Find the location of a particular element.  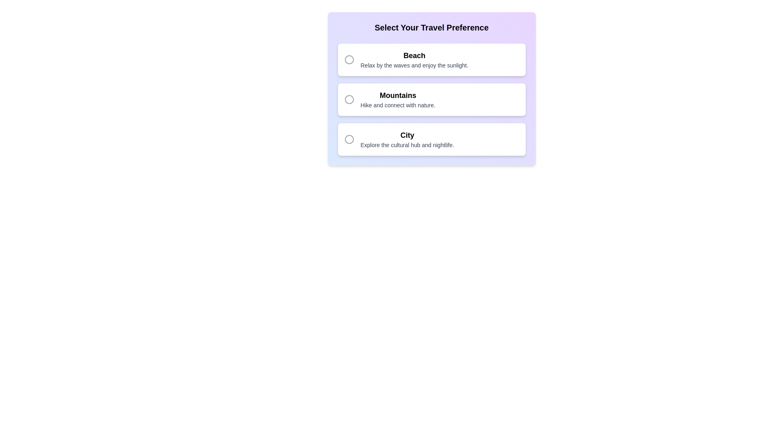

the 'Mountains' button with a selectable radio option, which has a white background, dark text, and rounded corners, positioned between the 'Beach' and 'City' buttons is located at coordinates (431, 99).